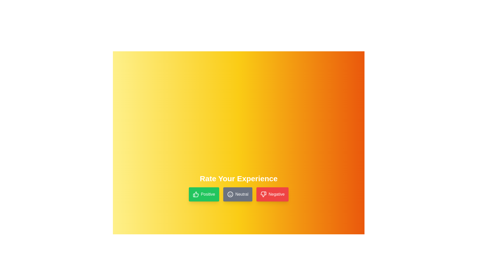 This screenshot has width=486, height=273. I want to click on the middle button in the group of three buttons, so click(237, 194).